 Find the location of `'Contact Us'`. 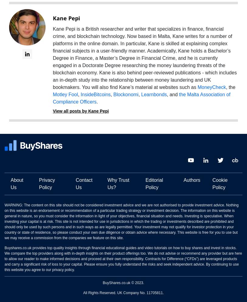

'Contact Us' is located at coordinates (84, 183).